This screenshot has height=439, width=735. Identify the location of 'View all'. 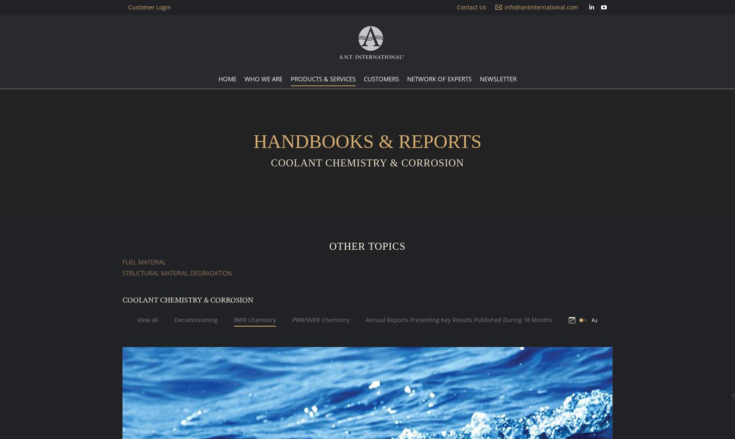
(147, 319).